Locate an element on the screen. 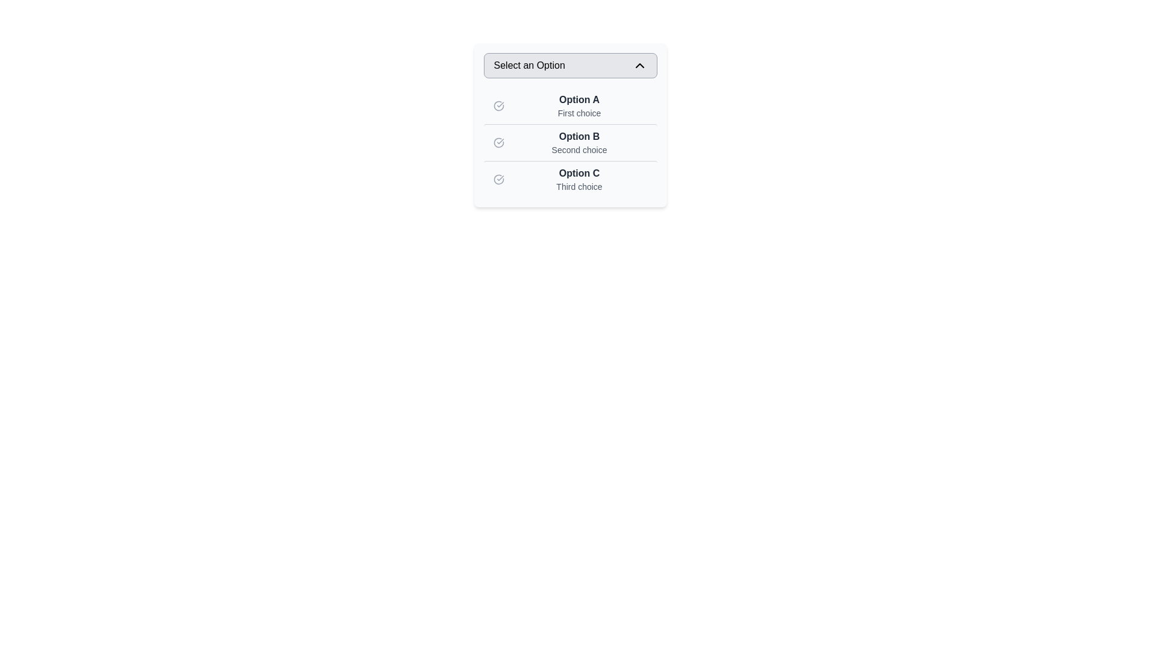 This screenshot has width=1157, height=651. 'Option B: Second choice' in the dropdown list is located at coordinates (569, 142).